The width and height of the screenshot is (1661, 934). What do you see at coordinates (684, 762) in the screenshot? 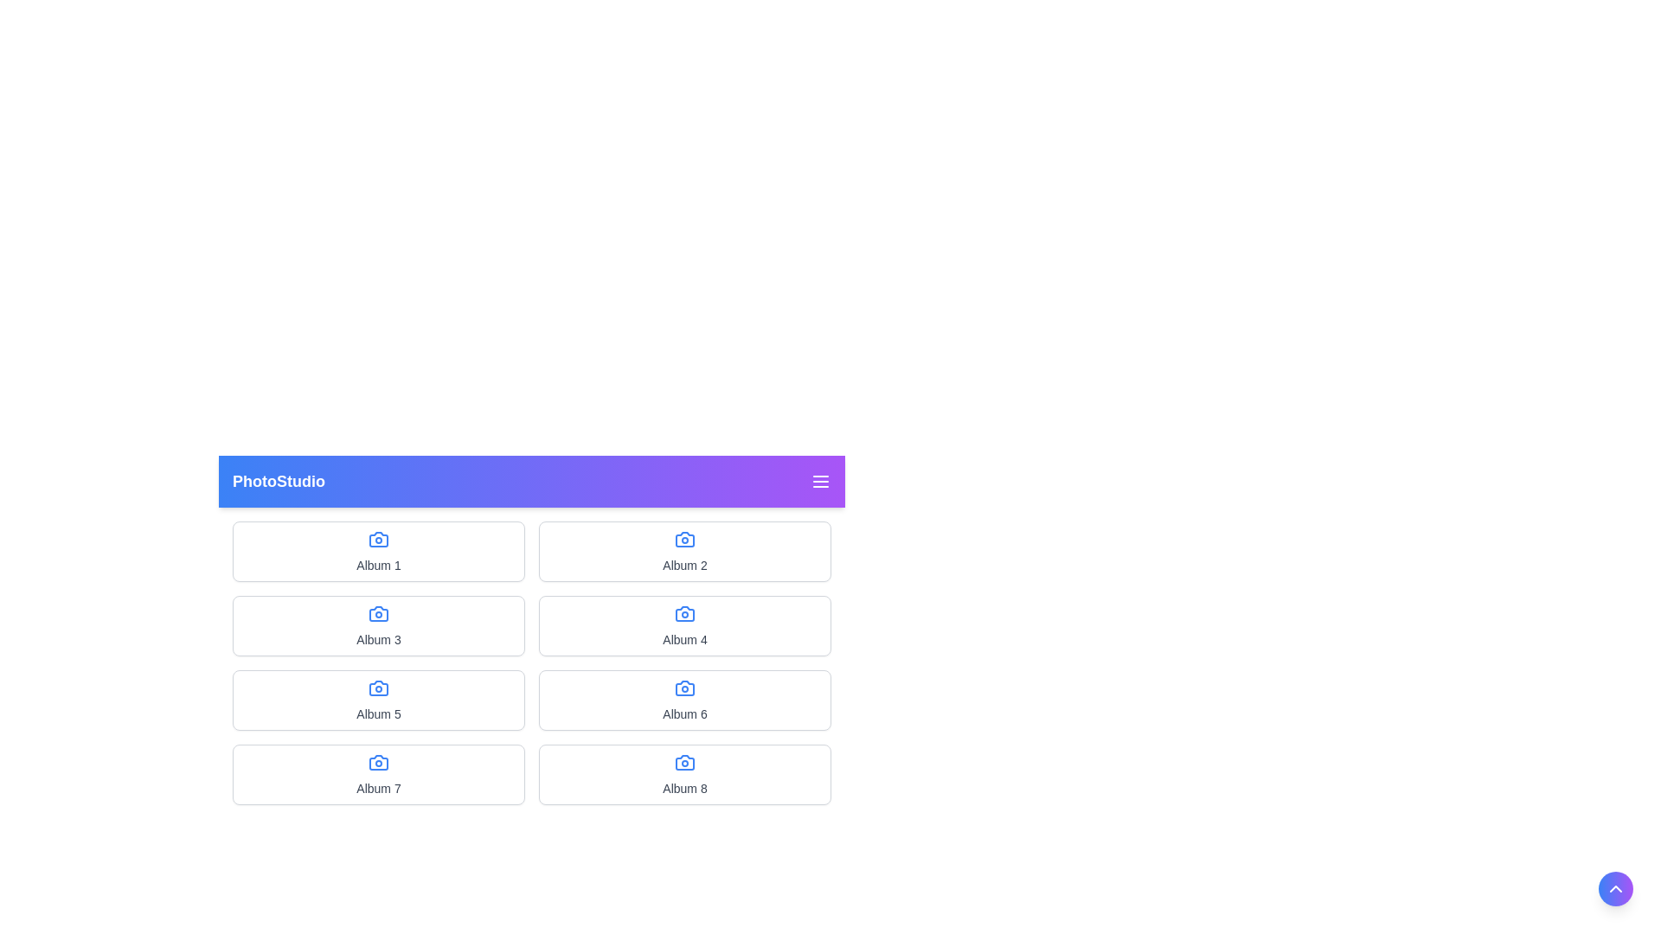
I see `the blue camera icon outline, which is part of the eighth album card in the second column of the fourth row` at bounding box center [684, 762].